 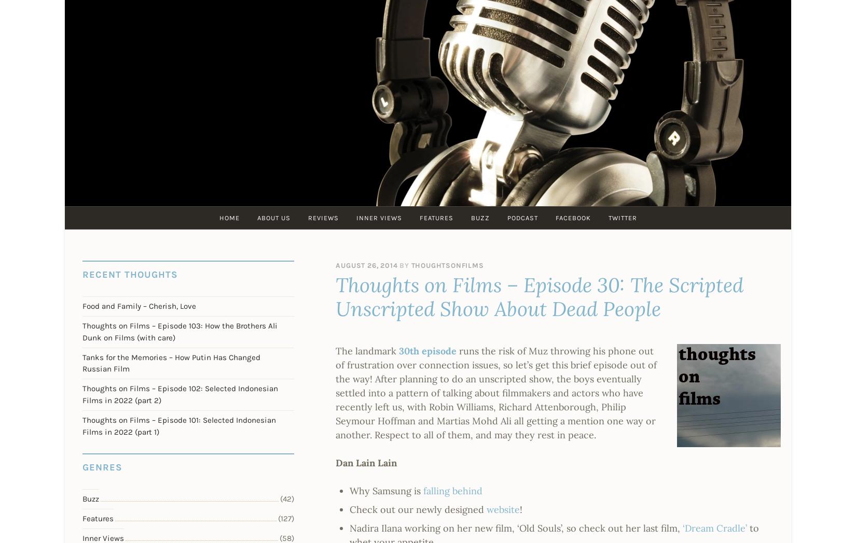 I want to click on 'August 26, 2014', so click(x=366, y=265).